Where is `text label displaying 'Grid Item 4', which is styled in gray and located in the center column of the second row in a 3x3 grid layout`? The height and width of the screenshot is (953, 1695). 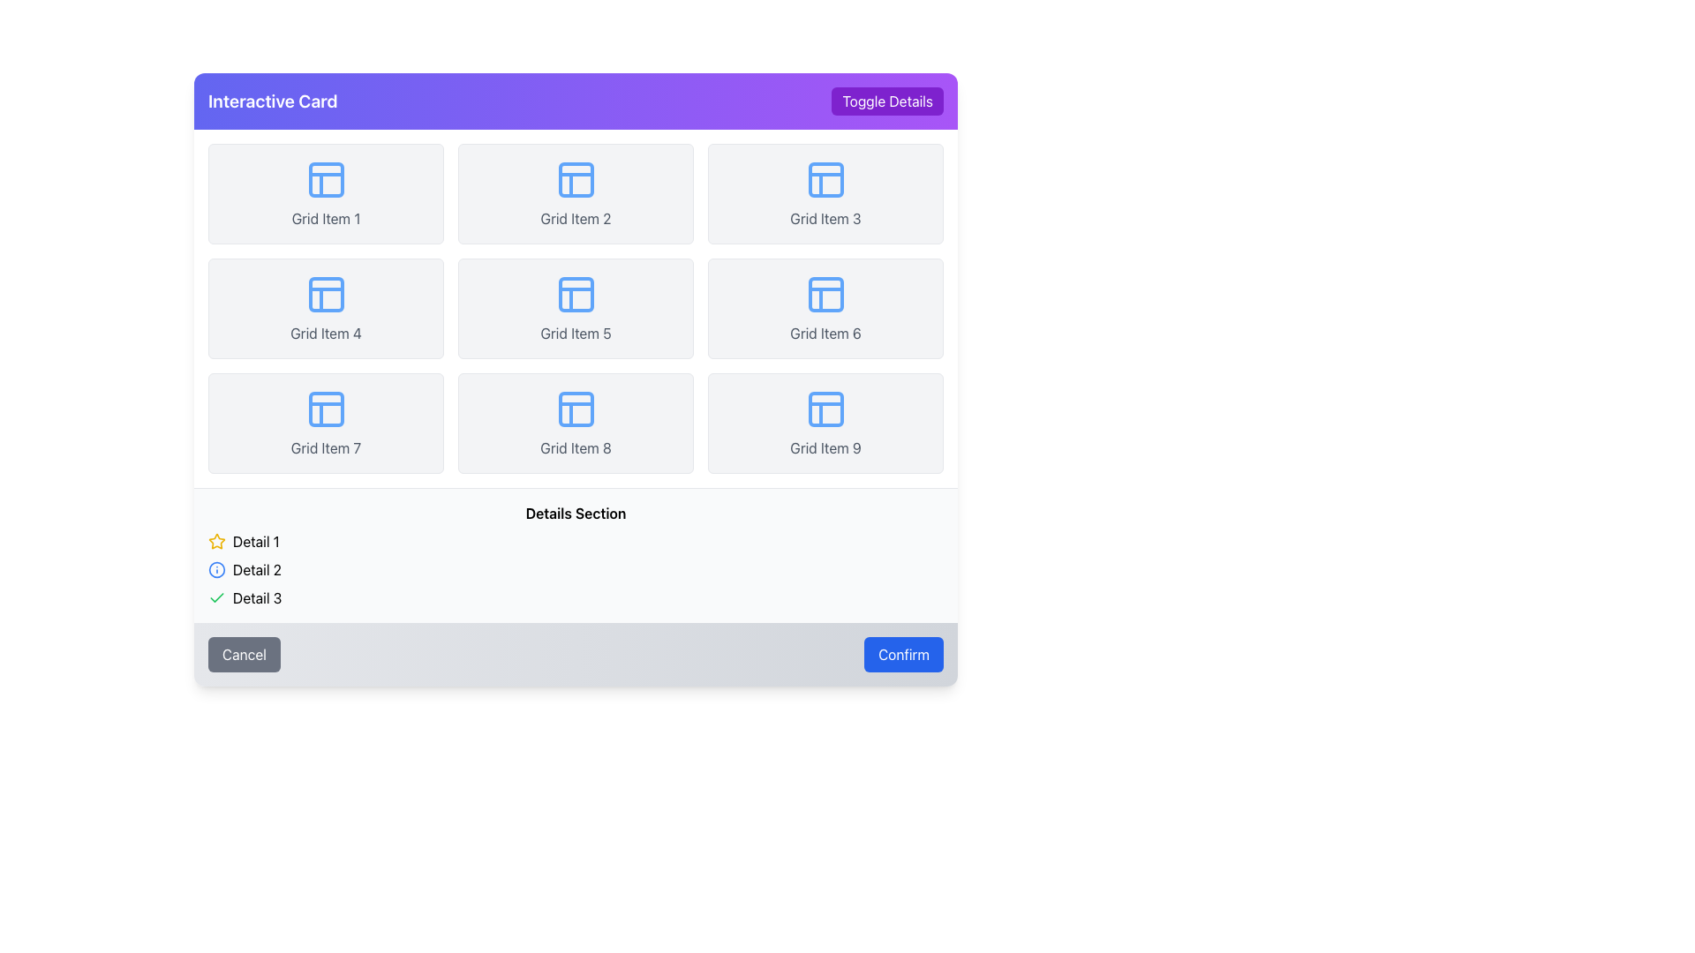 text label displaying 'Grid Item 4', which is styled in gray and located in the center column of the second row in a 3x3 grid layout is located at coordinates (326, 334).